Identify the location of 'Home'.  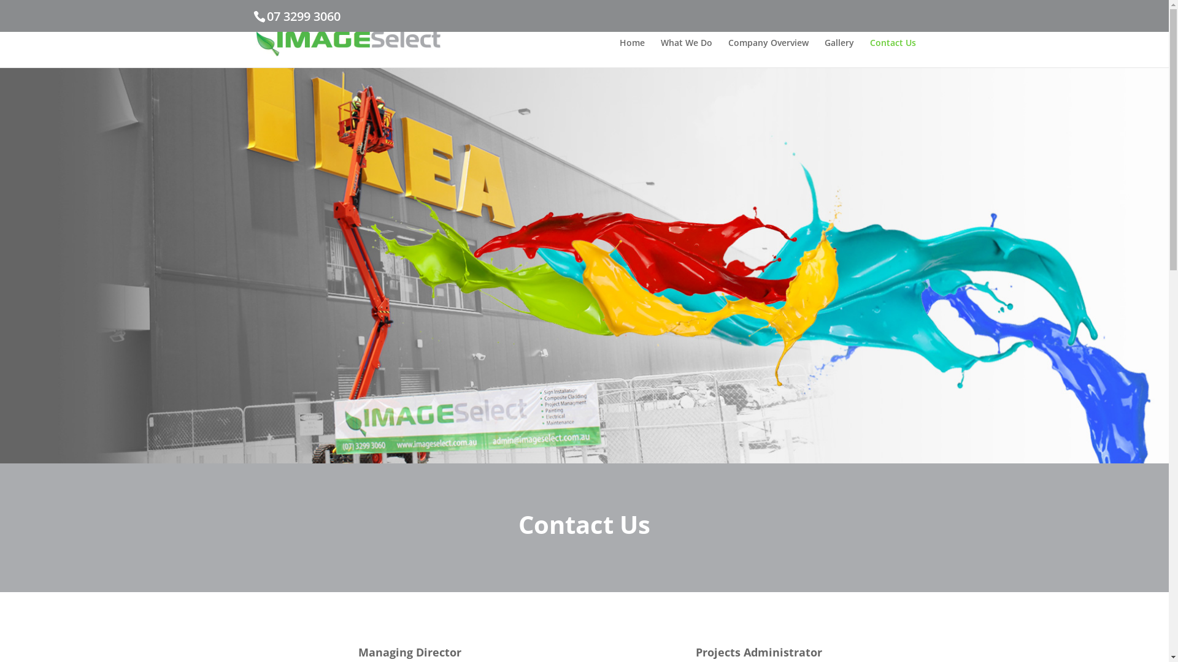
(632, 52).